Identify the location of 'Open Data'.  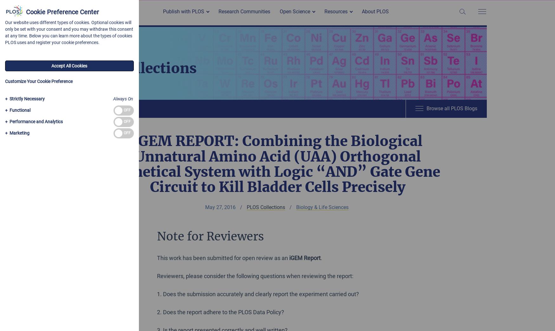
(293, 43).